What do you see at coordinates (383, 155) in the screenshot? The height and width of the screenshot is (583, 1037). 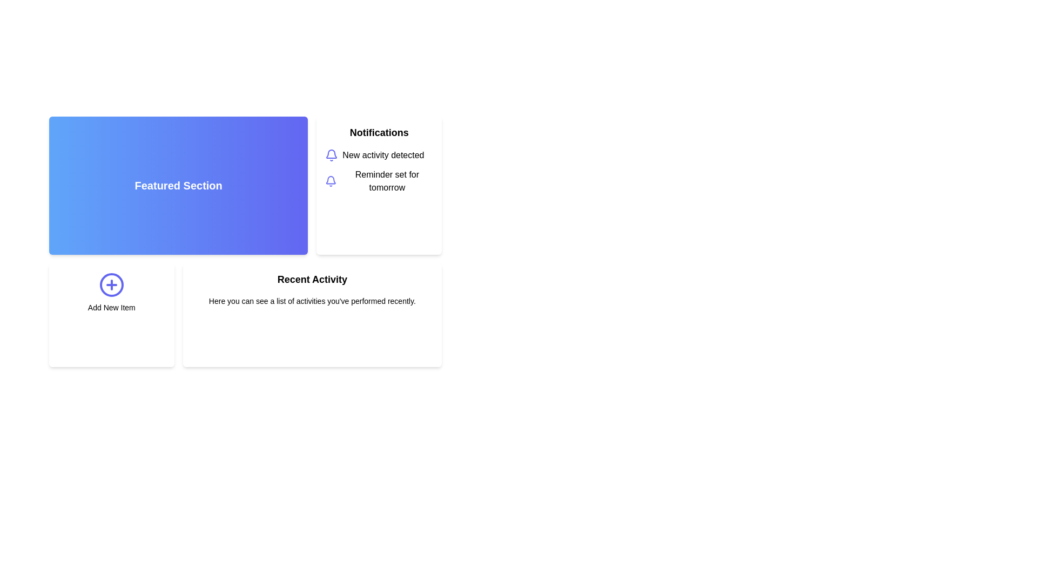 I see `the notification text label located in the Notifications section, adjacent to the bell icon and the text 'Reminder set for tomorrow'` at bounding box center [383, 155].